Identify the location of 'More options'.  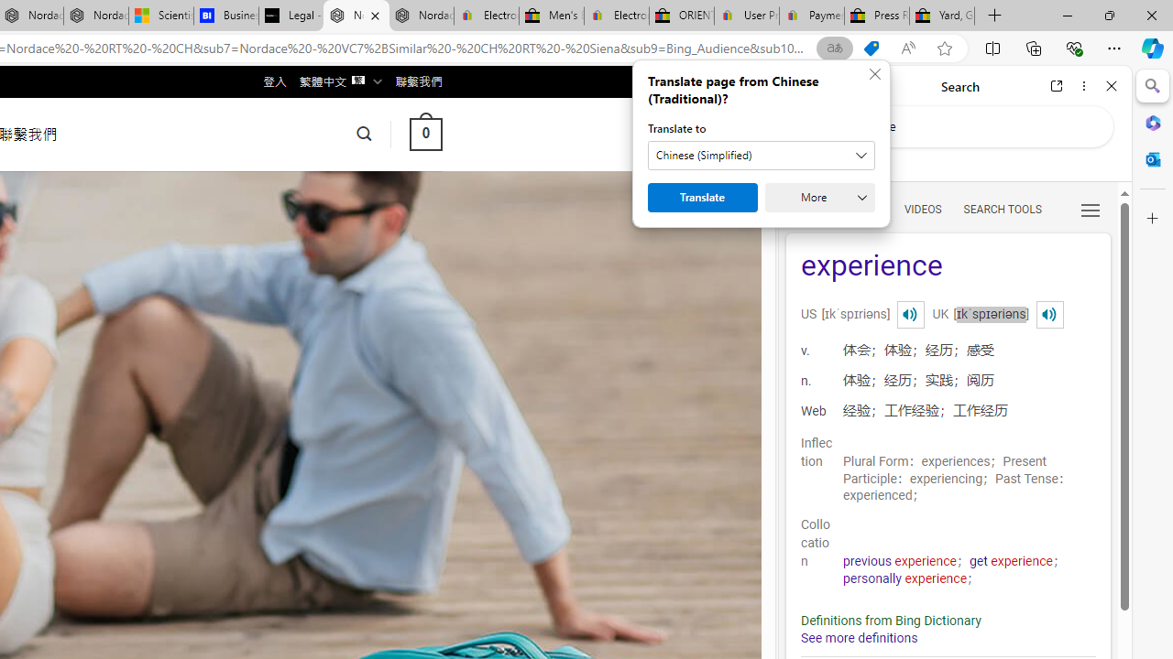
(1083, 85).